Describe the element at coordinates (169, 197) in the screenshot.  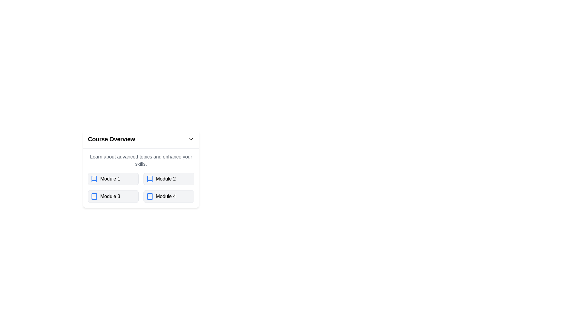
I see `the rectangular button with a light gray background and a blue book icon, labeled 'Module 4', located in the bottom-right corner of the button grid` at that location.